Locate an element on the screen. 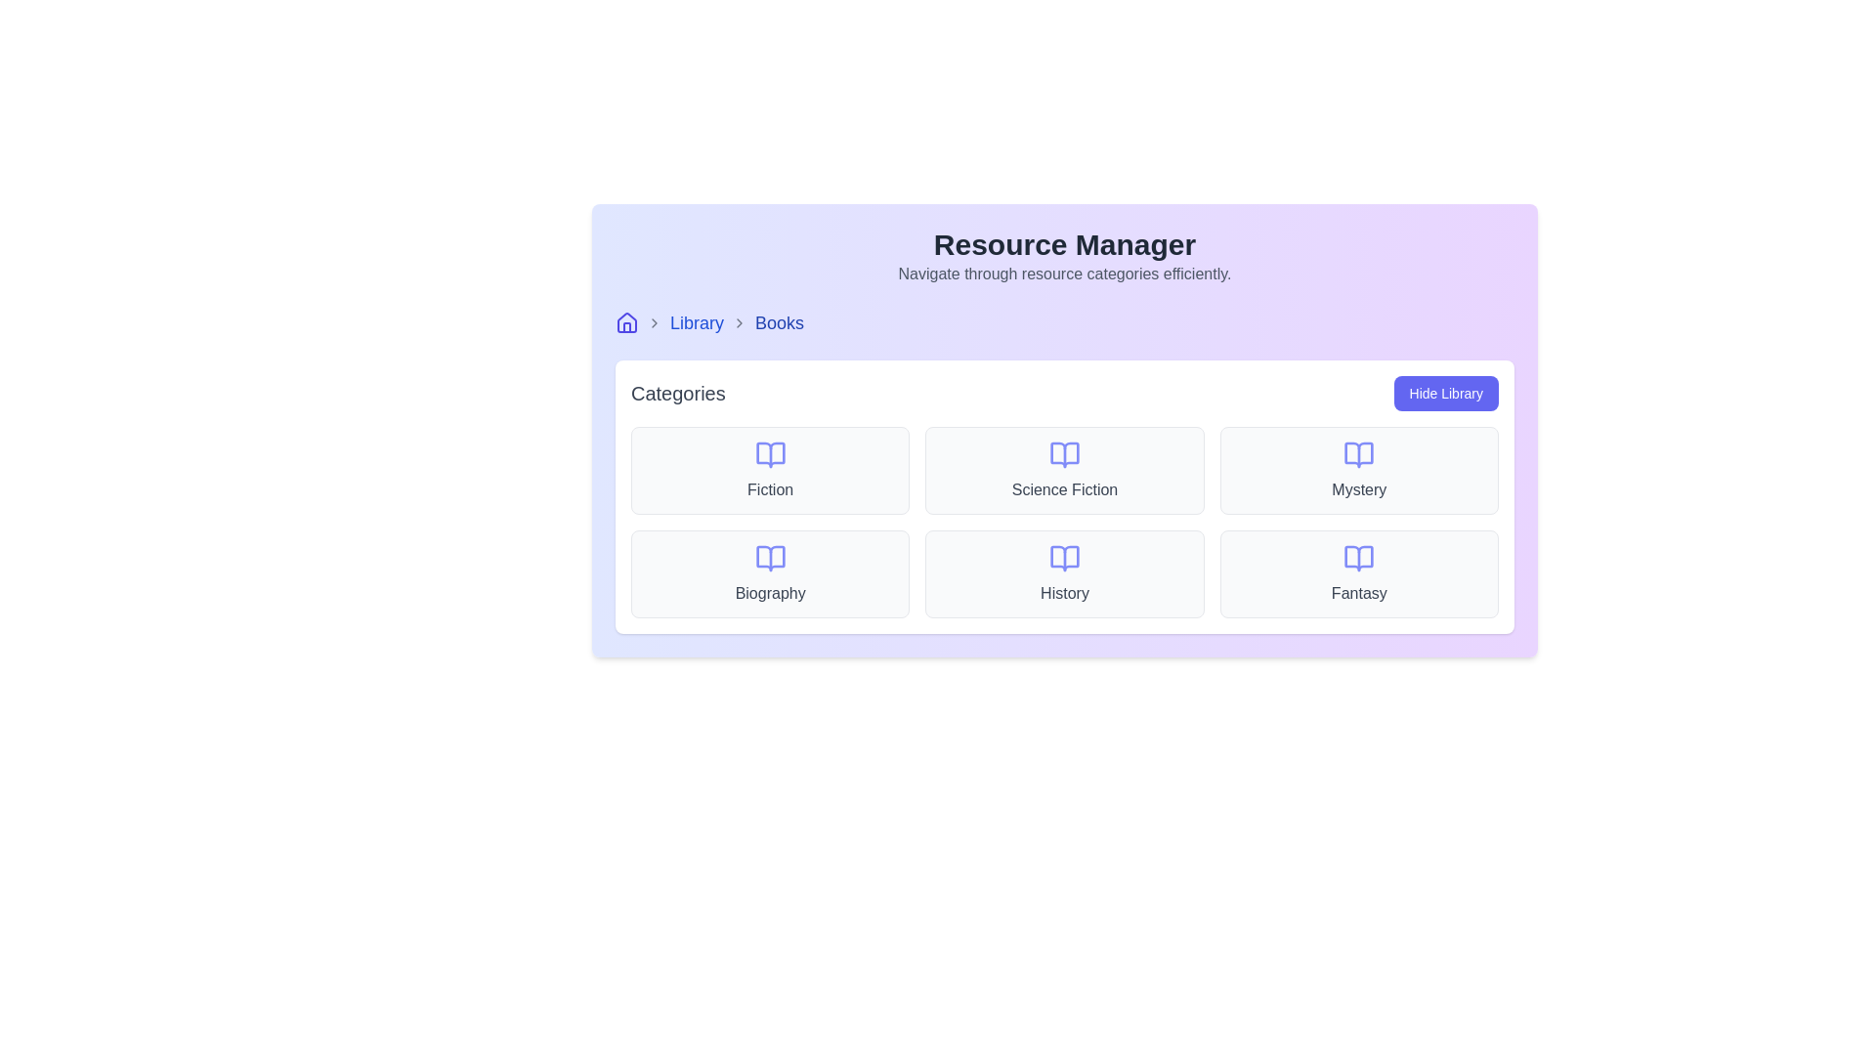 Image resolution: width=1876 pixels, height=1055 pixels. the 'Biography' text label located in the bottom-left cell of the category grid is located at coordinates (769, 592).